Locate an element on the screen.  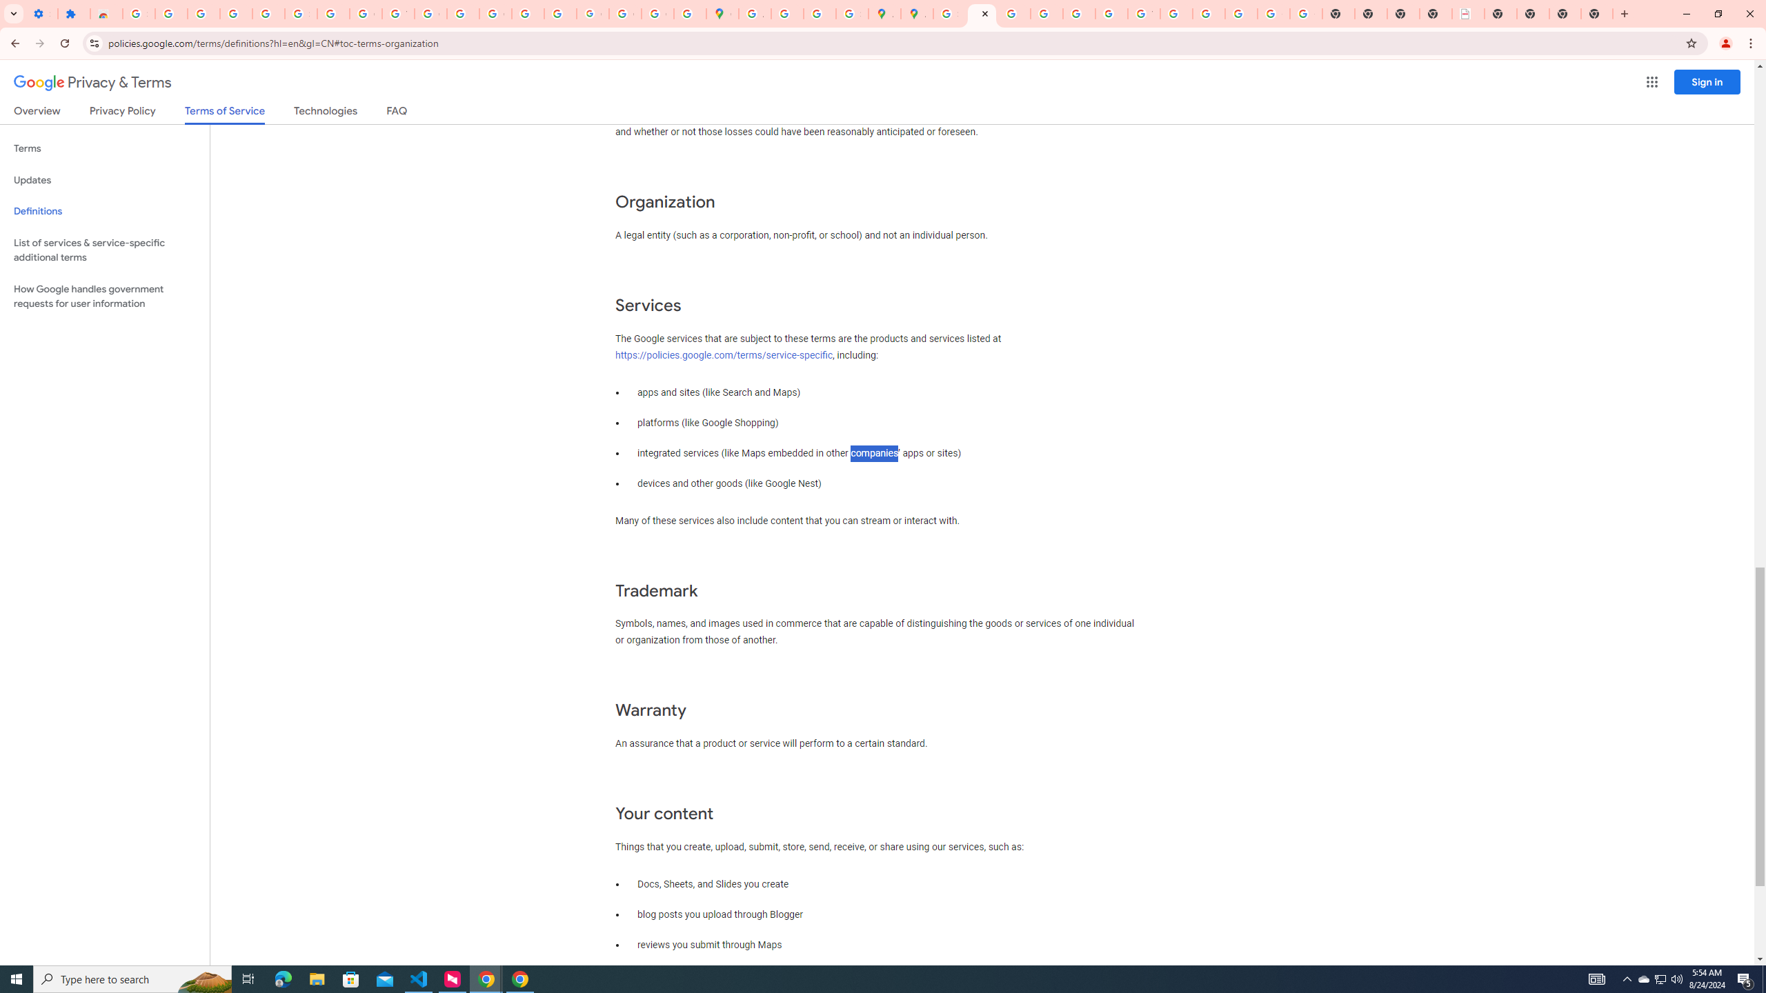
'FAQ' is located at coordinates (397, 113).